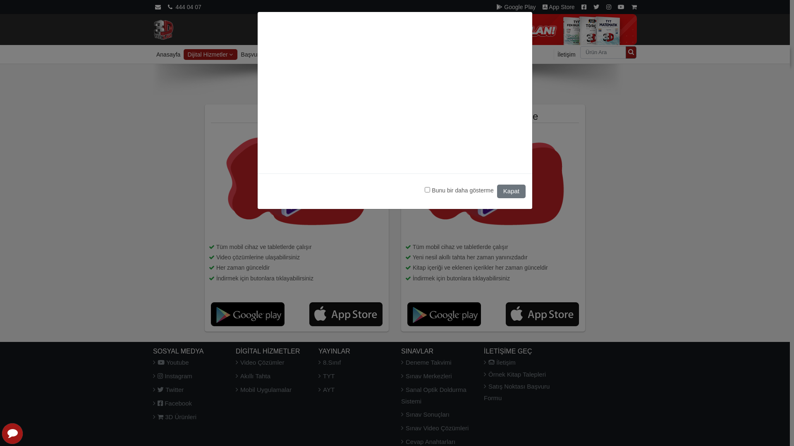 The width and height of the screenshot is (794, 446). I want to click on '  444 04 07', so click(184, 7).